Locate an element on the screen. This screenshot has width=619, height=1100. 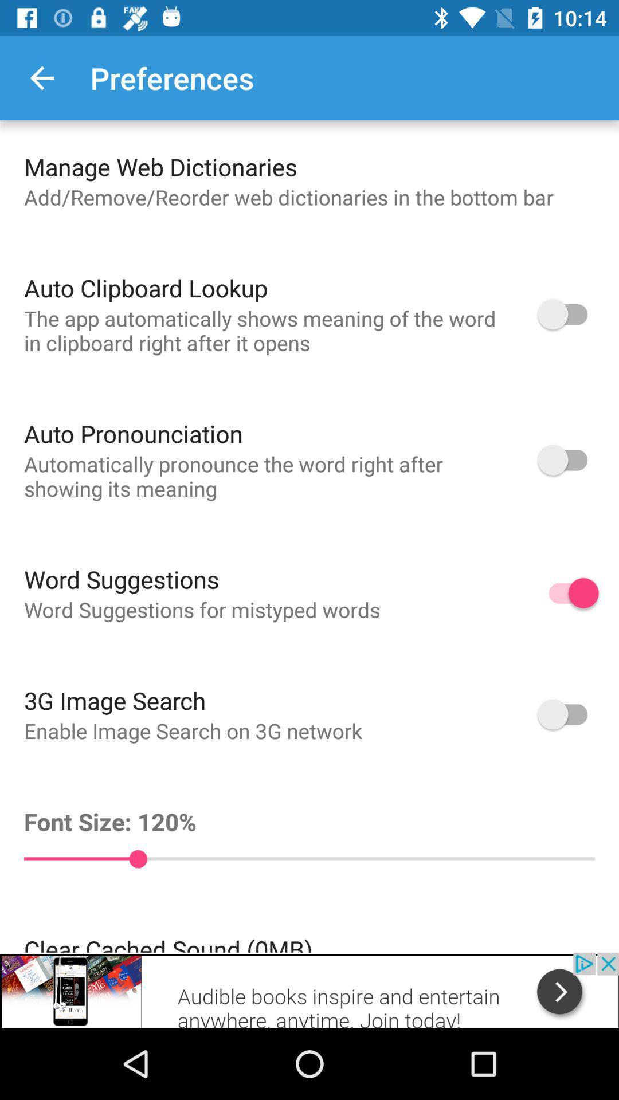
tag the auto play is located at coordinates (568, 713).